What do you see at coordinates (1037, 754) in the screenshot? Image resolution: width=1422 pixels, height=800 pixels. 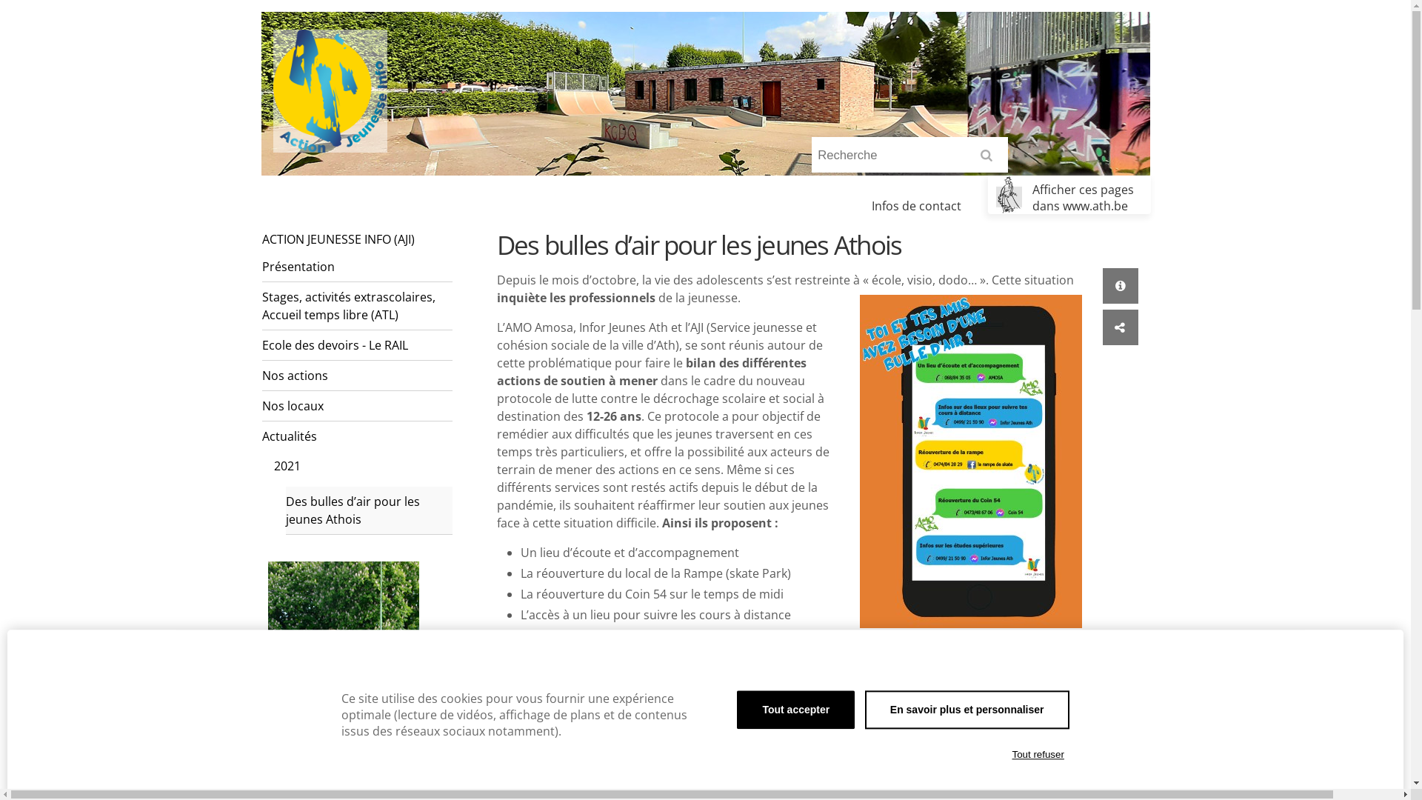 I see `'Tout refuser'` at bounding box center [1037, 754].